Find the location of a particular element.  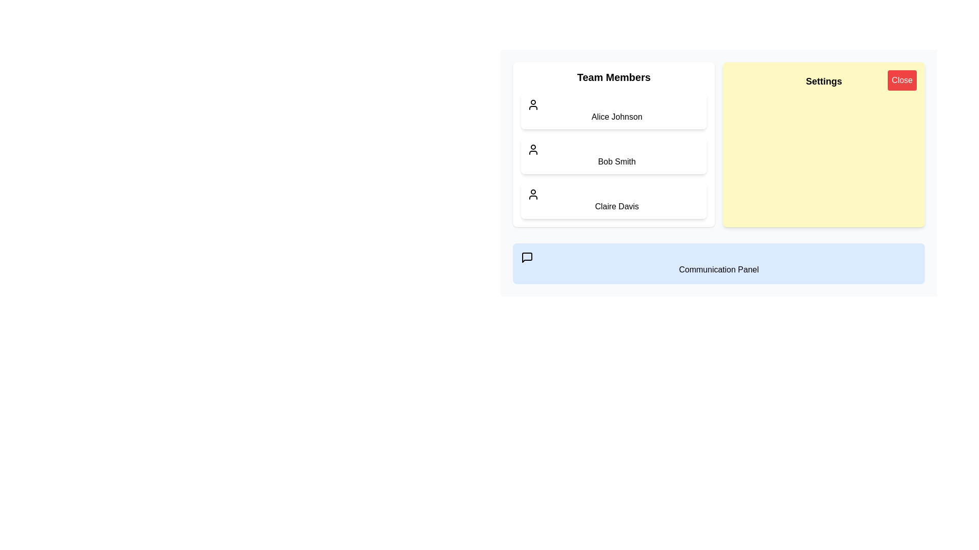

the speech bubble icon located in the Communication Panel at the bottom-left corner, which has a clean rounded rectangular shape and a solid outline is located at coordinates (527, 257).